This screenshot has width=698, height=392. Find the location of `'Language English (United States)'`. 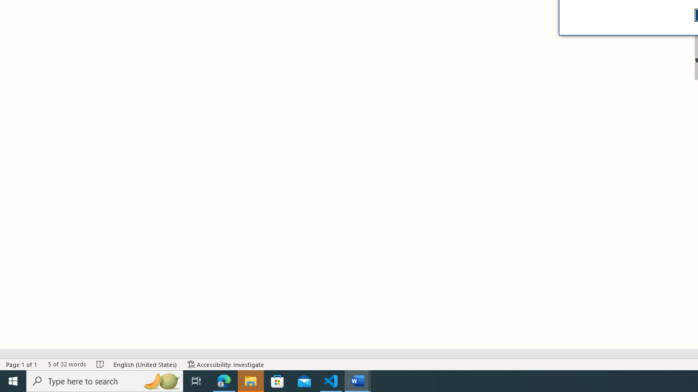

'Language English (United States)' is located at coordinates (145, 364).